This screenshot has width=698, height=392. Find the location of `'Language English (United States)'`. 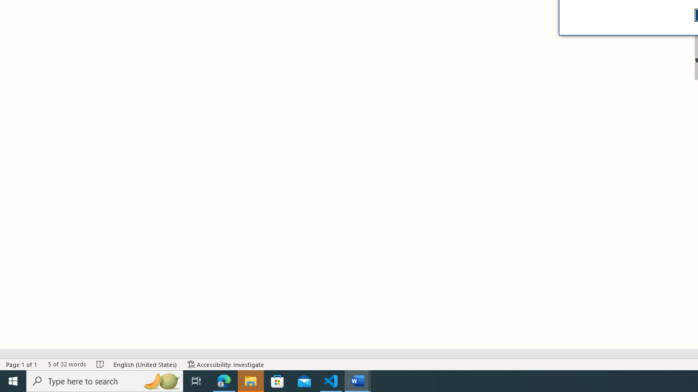

'Language English (United States)' is located at coordinates (145, 364).